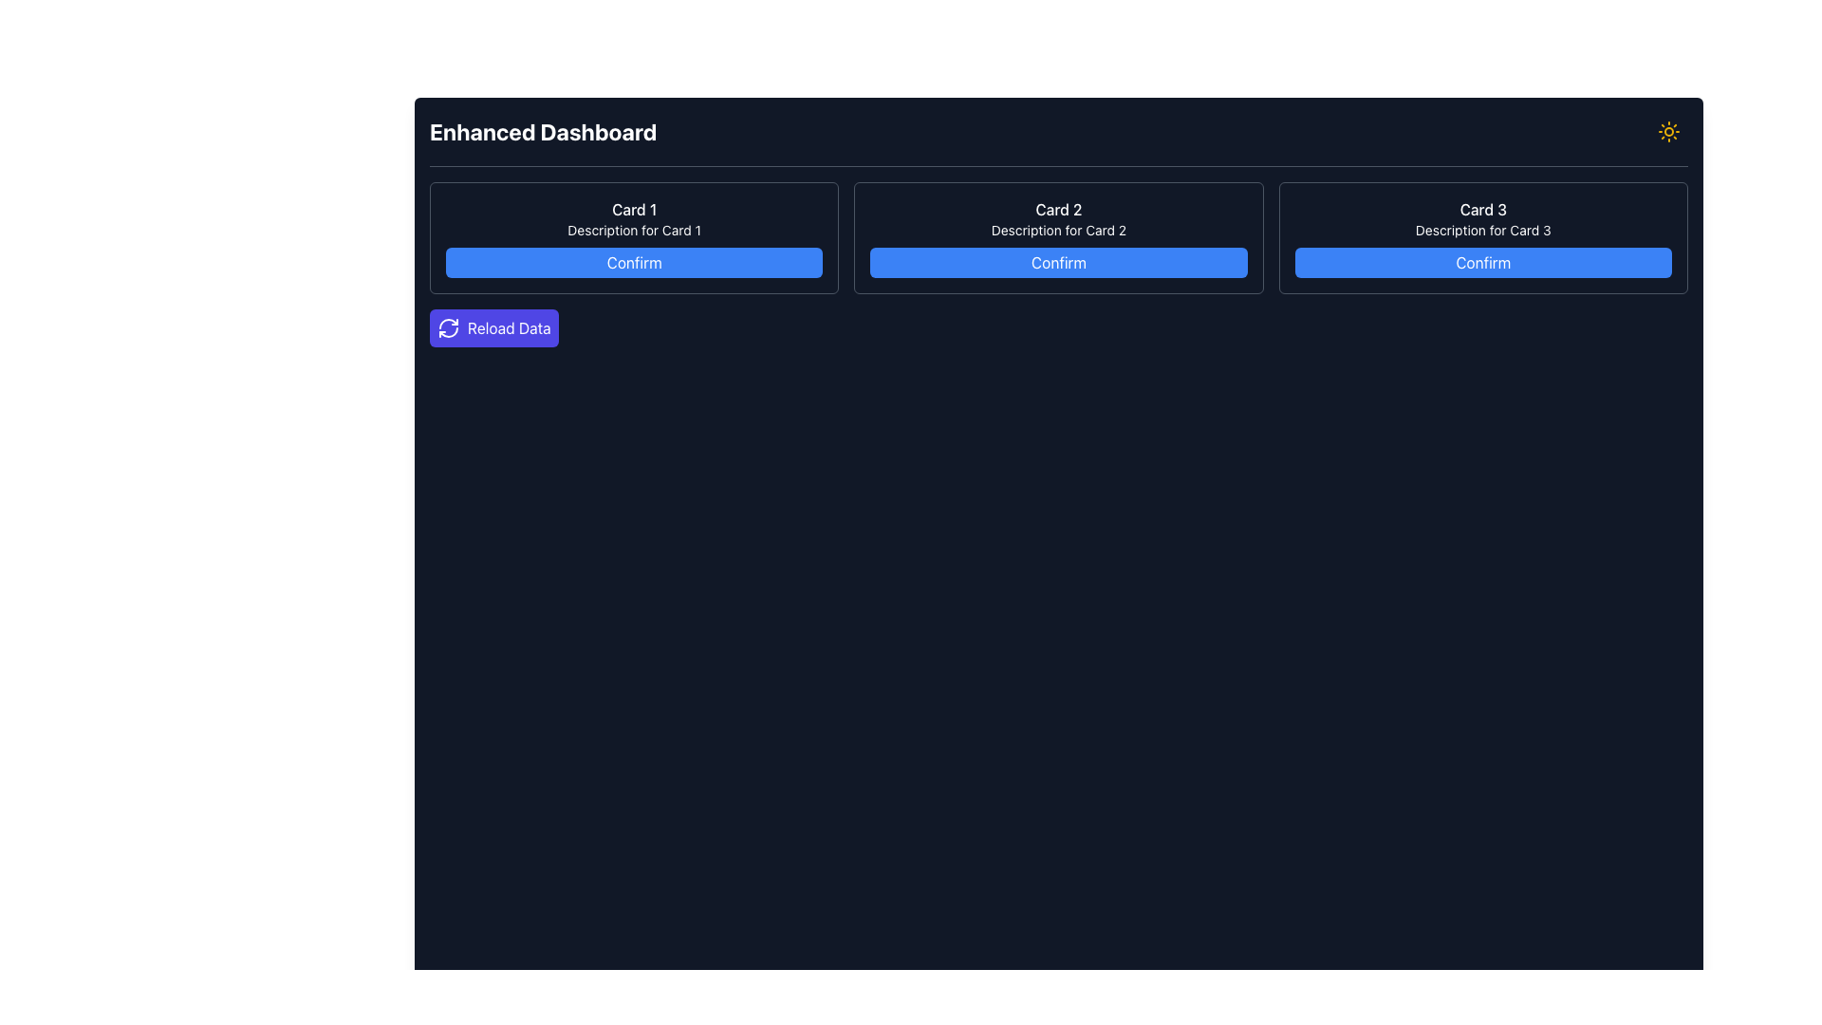  I want to click on the 'Confirm' button, which is a rectangular button with rounded corners and a blue background located within 'Card 3', to observe the hover effect, so click(1482, 263).